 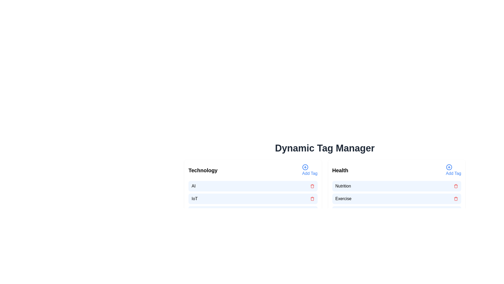 I want to click on the 'Nutrition' static text label, so click(x=343, y=186).